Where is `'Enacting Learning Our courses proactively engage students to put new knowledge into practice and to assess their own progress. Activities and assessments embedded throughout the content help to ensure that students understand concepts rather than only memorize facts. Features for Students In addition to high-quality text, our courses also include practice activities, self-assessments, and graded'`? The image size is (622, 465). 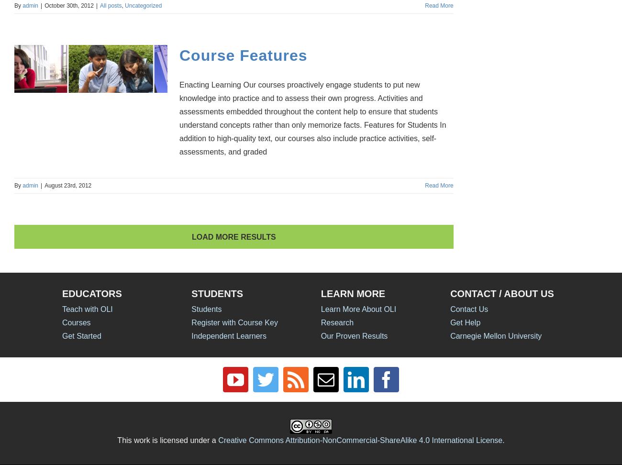
'Enacting Learning Our courses proactively engage students to put new knowledge into practice and to assess their own progress. Activities and assessments embedded throughout the content help to ensure that students understand concepts rather than only memorize facts. Features for Students In addition to high-quality text, our courses also include practice activities, self-assessments, and graded' is located at coordinates (312, 118).